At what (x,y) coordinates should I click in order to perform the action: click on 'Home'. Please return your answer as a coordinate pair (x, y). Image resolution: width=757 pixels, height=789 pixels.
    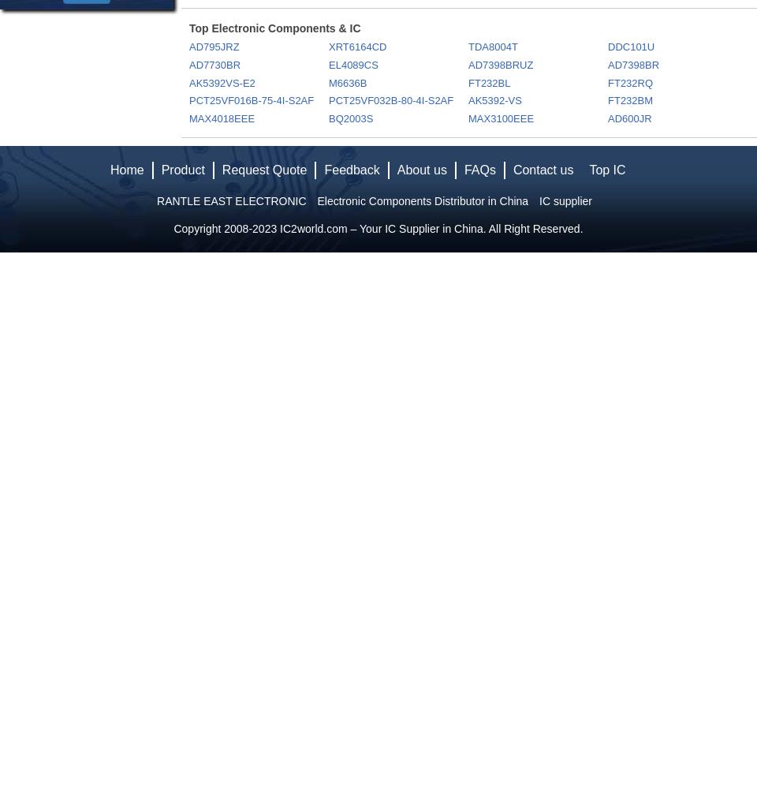
    Looking at the image, I should click on (125, 169).